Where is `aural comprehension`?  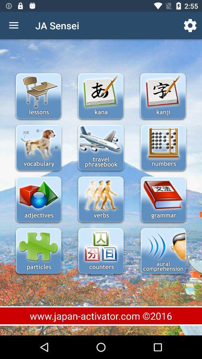
aural comprehension is located at coordinates (163, 252).